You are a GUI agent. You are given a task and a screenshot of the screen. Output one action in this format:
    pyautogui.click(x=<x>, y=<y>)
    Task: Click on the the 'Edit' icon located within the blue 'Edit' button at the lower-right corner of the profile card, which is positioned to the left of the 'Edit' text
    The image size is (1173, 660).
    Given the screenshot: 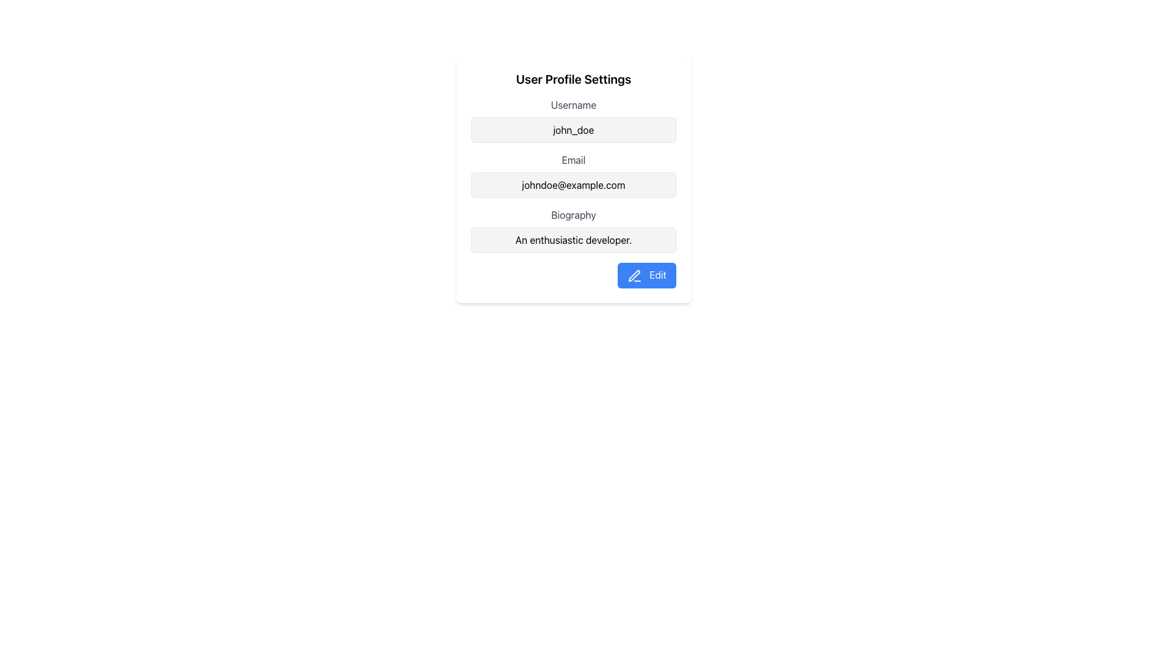 What is the action you would take?
    pyautogui.click(x=634, y=276)
    